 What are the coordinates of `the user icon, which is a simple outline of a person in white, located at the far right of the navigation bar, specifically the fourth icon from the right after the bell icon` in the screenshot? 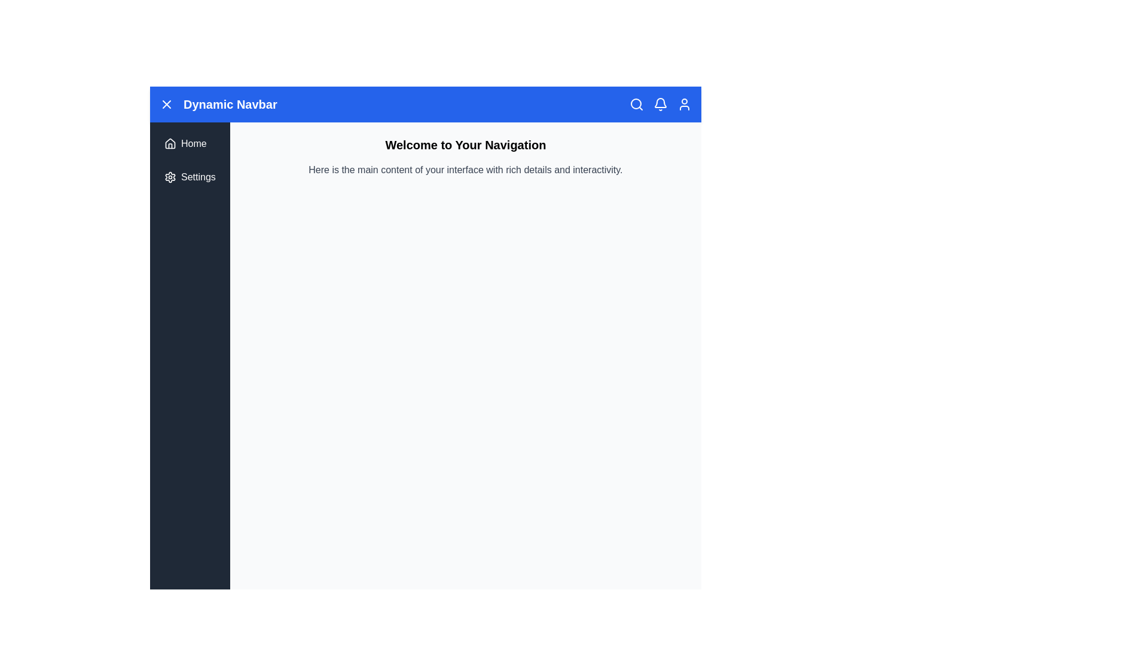 It's located at (685, 103).